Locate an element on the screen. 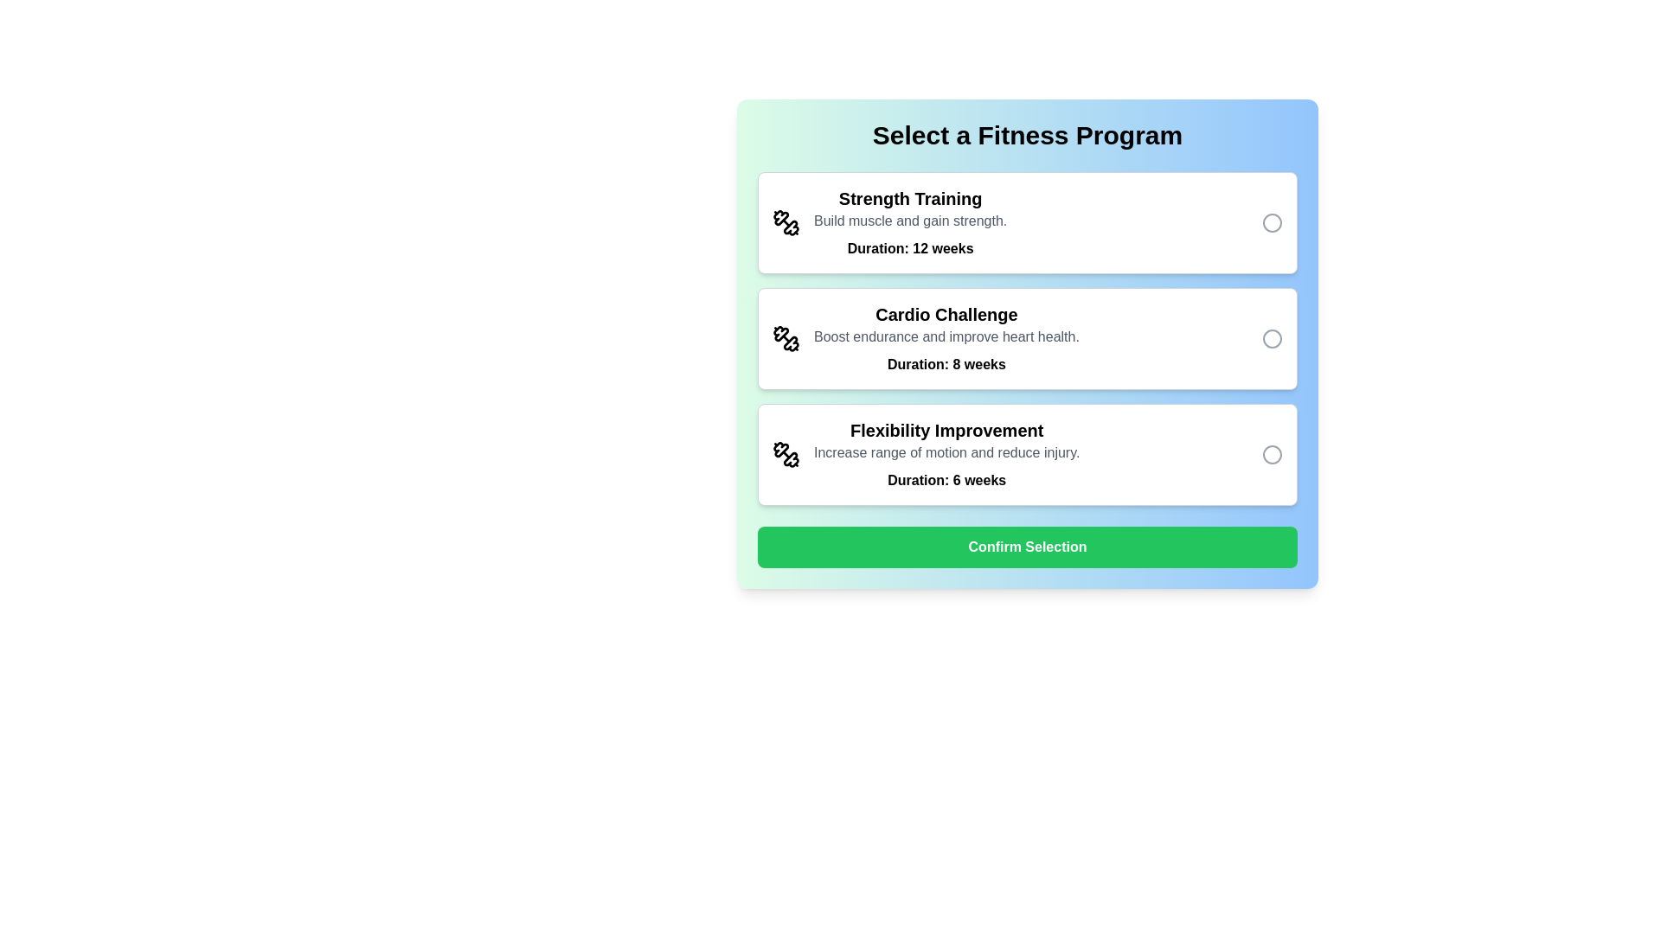  the inner circle of the SVG icon located at the far-right edge of the 'Flexibility Improvement' program option box in the selection panel is located at coordinates (1272, 453).